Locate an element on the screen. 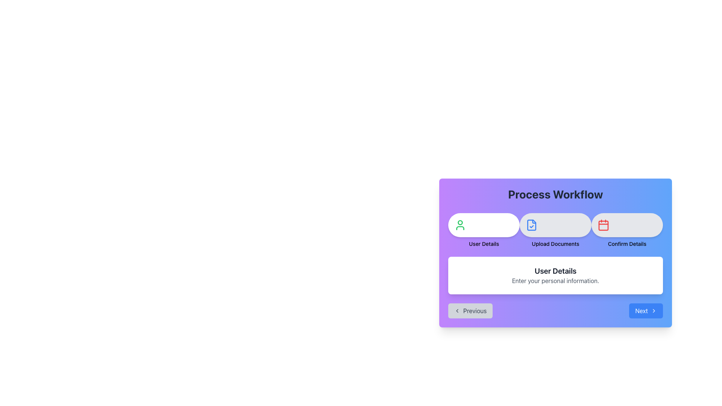 Image resolution: width=722 pixels, height=406 pixels. the text label indicating the 'Manage Uploads' step in the 'Process Workflow' horizontal stepper interface is located at coordinates (555, 244).